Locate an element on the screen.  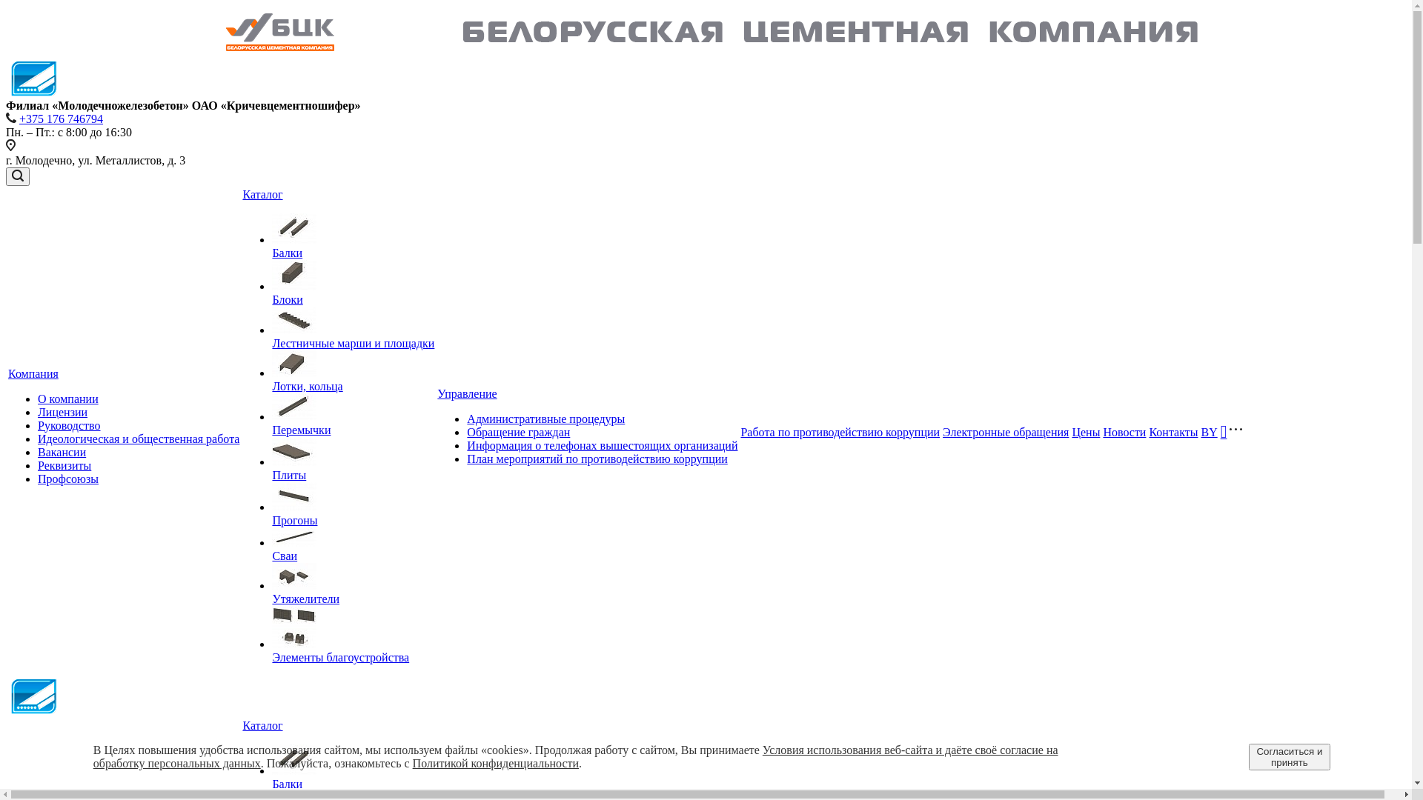
'BY' is located at coordinates (1209, 431).